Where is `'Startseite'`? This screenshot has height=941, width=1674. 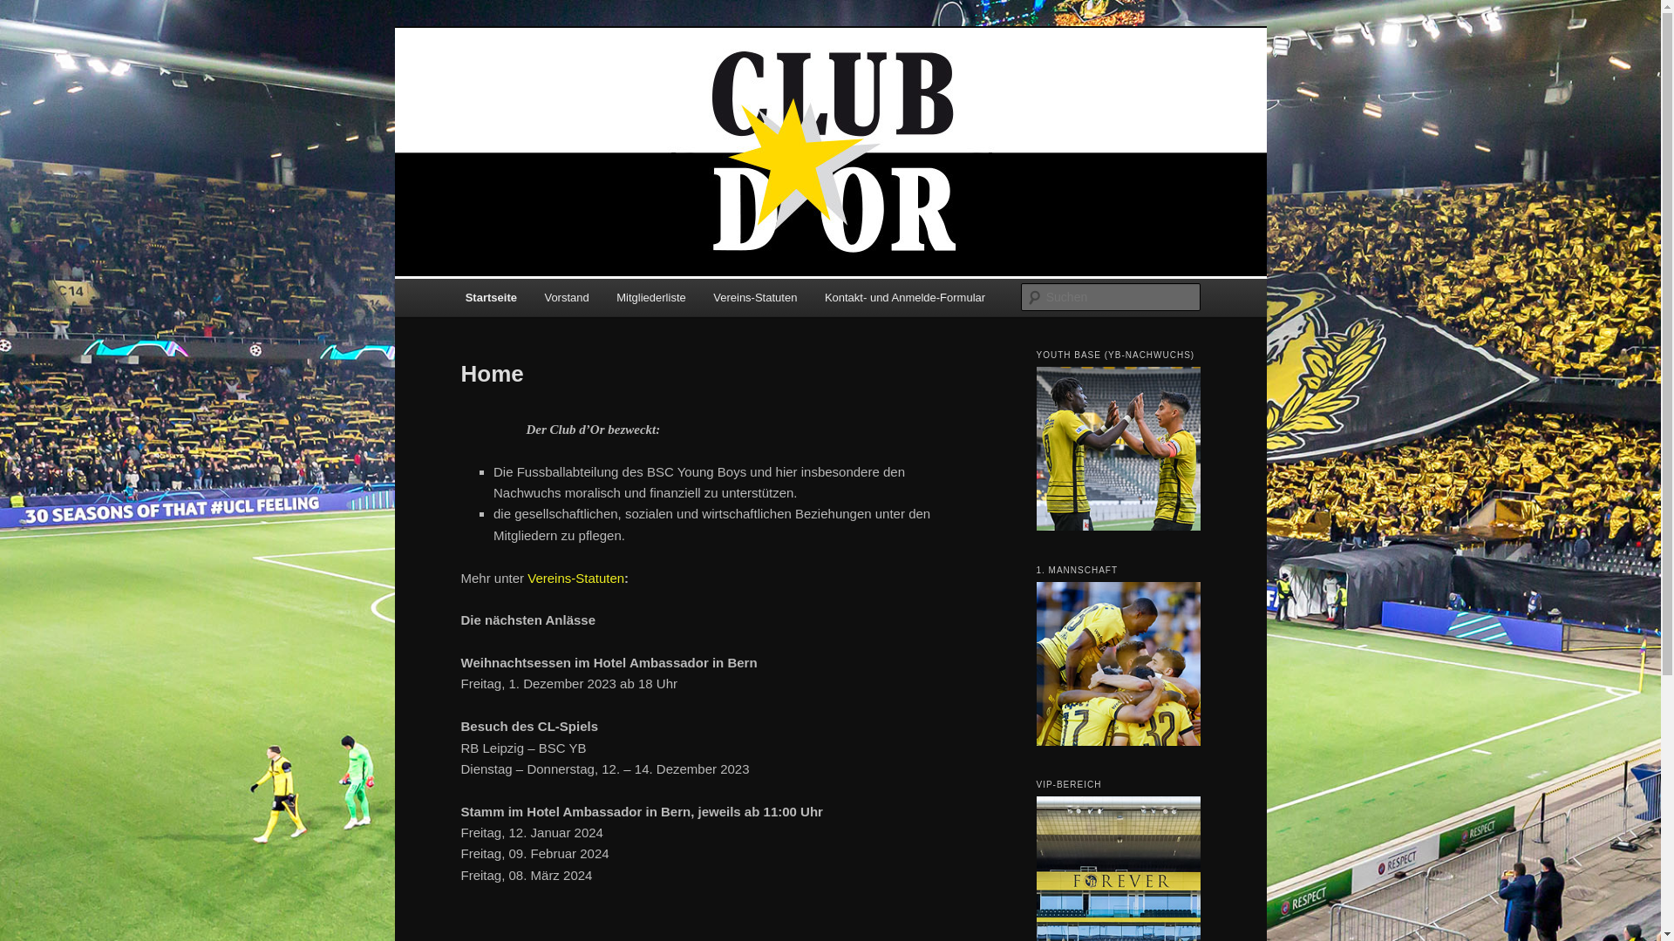 'Startseite' is located at coordinates (490, 296).